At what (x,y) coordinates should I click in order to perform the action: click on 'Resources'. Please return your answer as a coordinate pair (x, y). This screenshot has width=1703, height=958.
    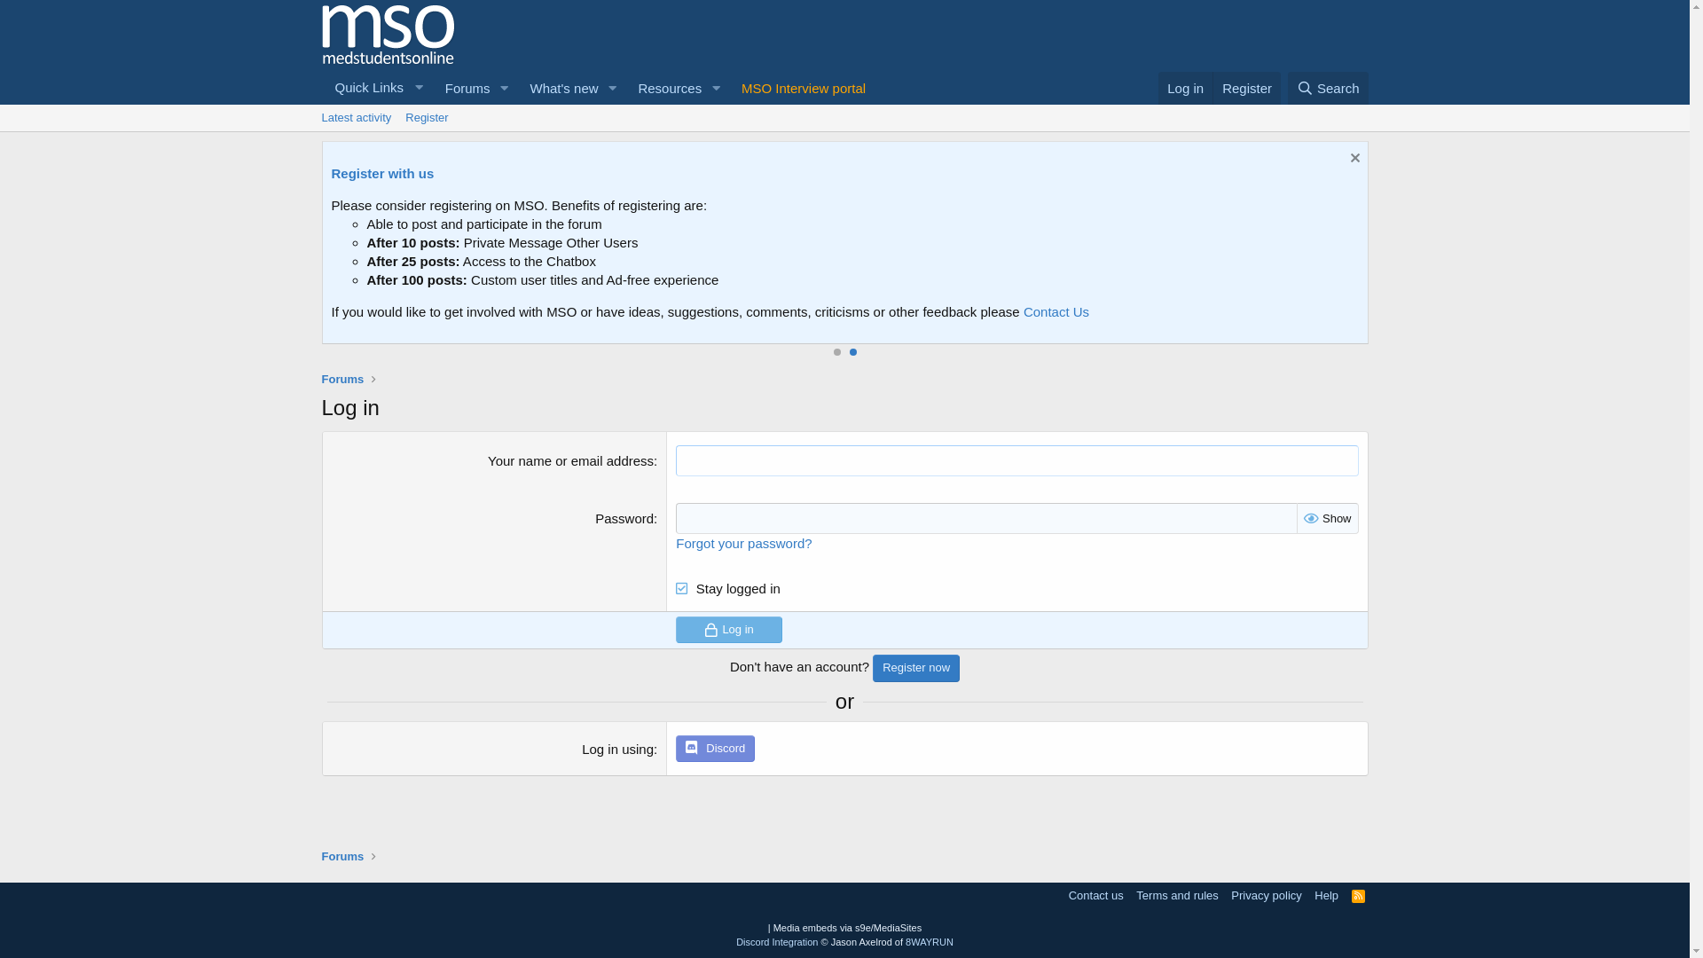
    Looking at the image, I should click on (663, 88).